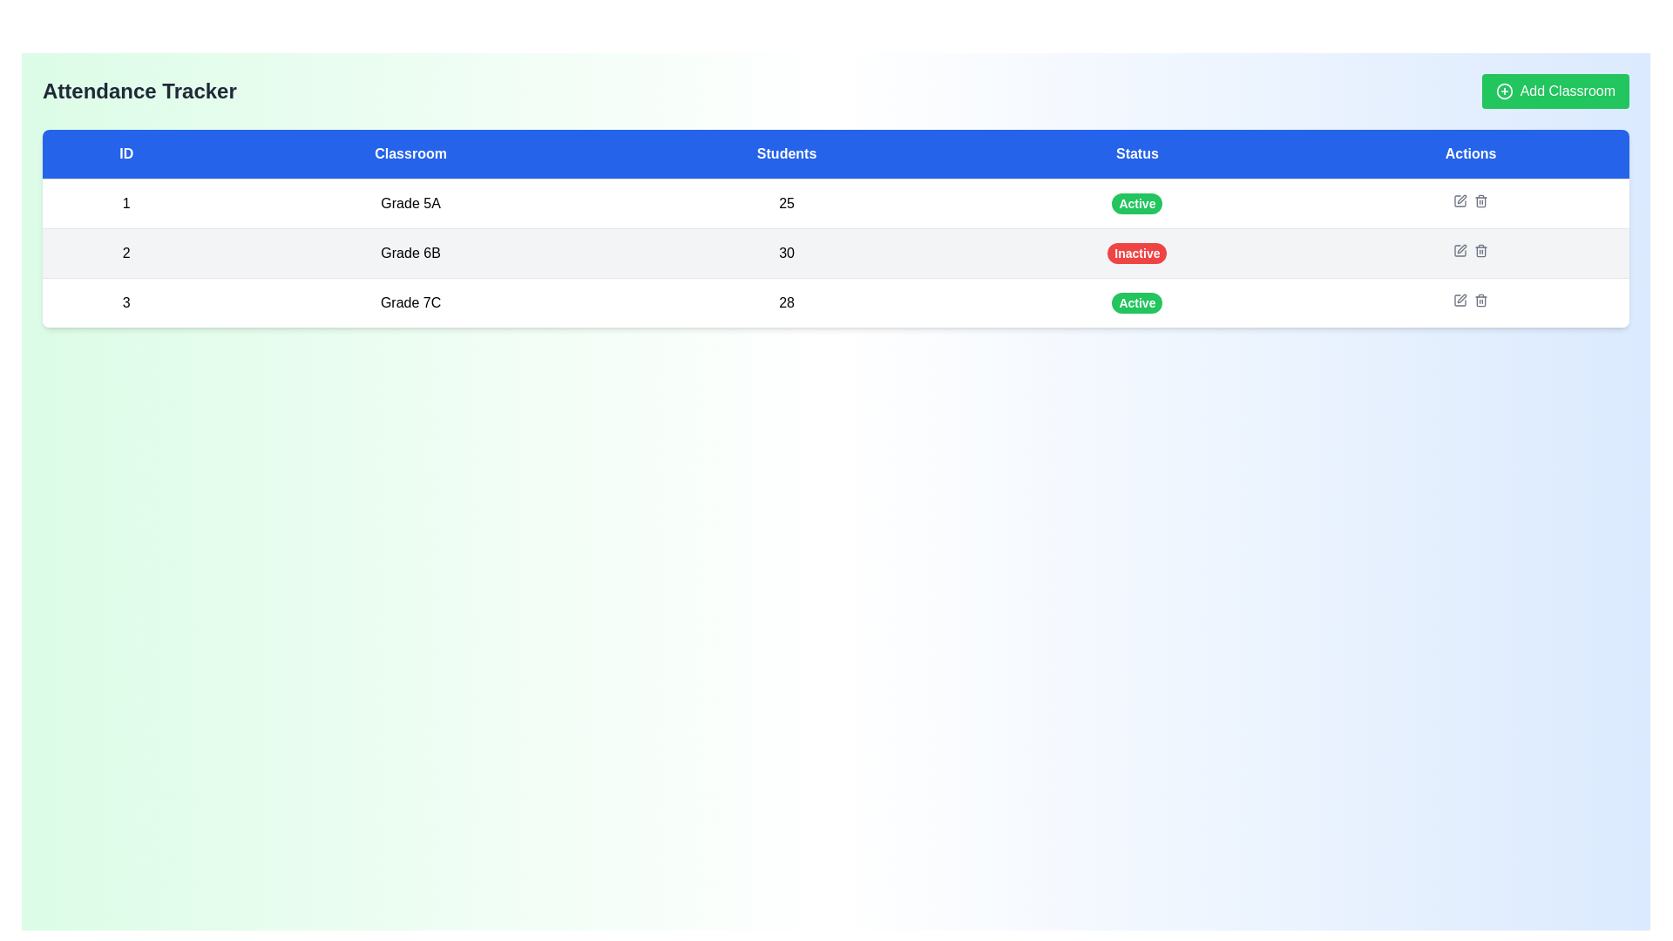 The width and height of the screenshot is (1673, 941). Describe the element at coordinates (1480, 301) in the screenshot. I see `navigation on the Trash Bin icon located in the last column of the third row ('Grade 7C') in the table` at that location.